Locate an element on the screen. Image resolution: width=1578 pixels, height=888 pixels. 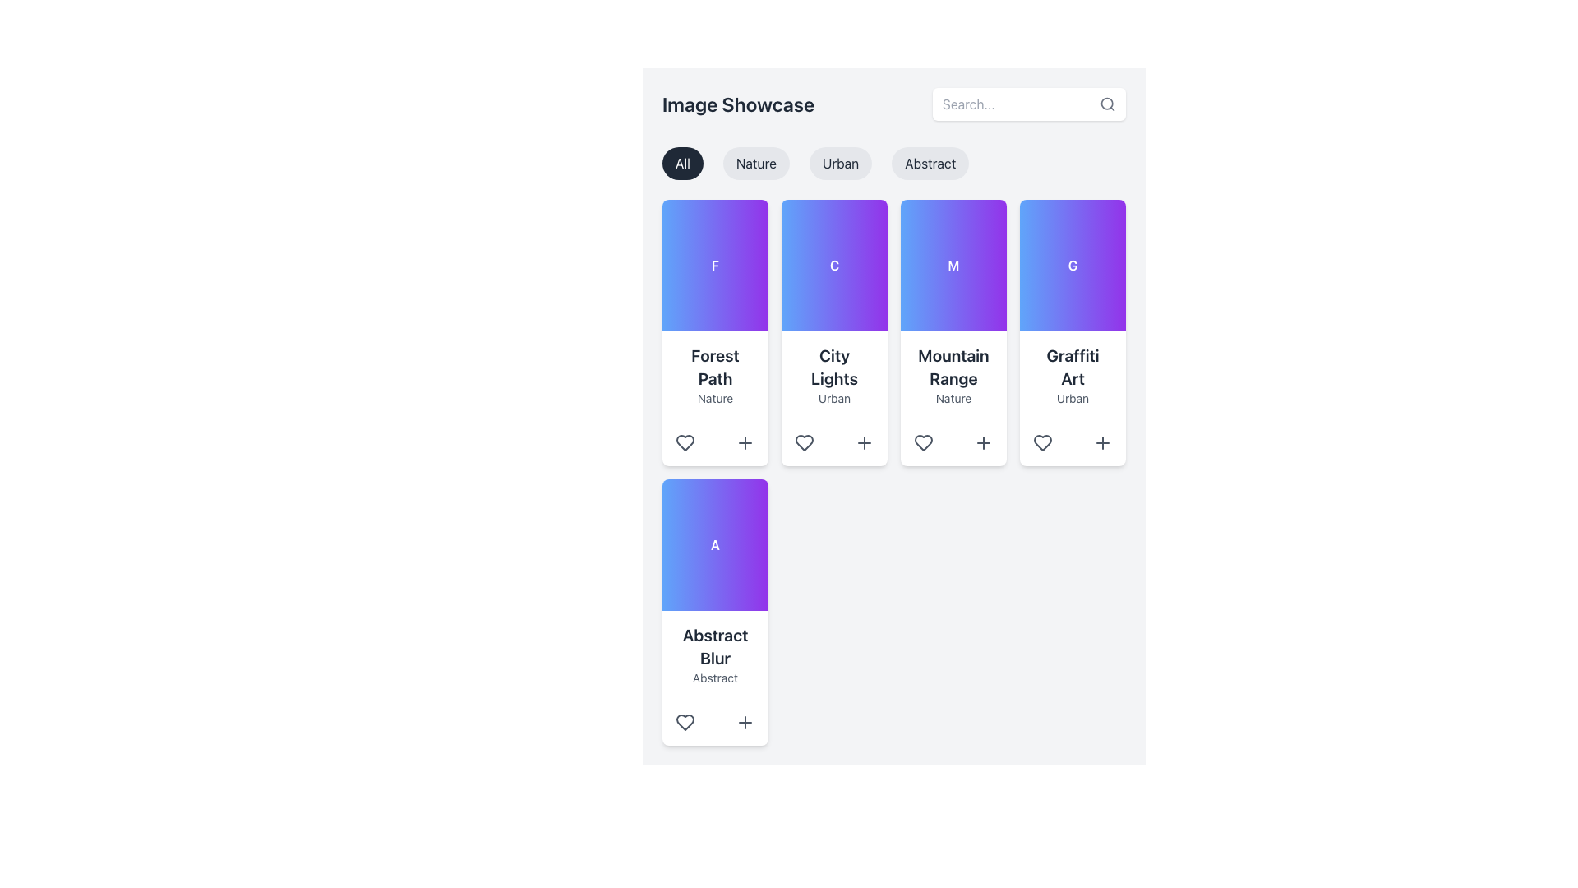
the static text element located in the fourth card from the left in the top row of the grid, which serves as the title and subtitle for the card is located at coordinates (1073, 375).